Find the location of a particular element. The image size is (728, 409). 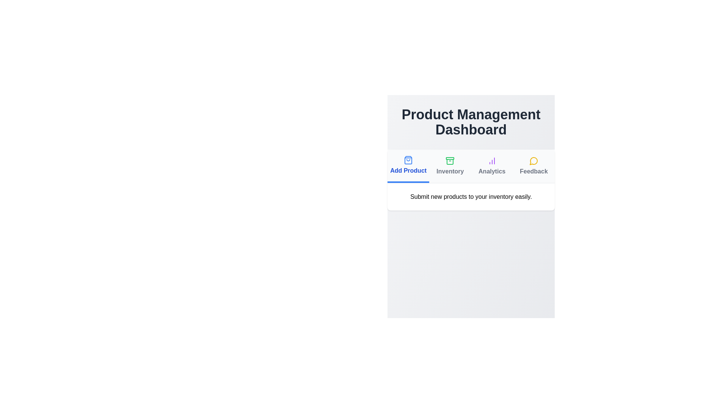

the text label located below the shopping bag icon in the left navigation bar is located at coordinates (408, 171).